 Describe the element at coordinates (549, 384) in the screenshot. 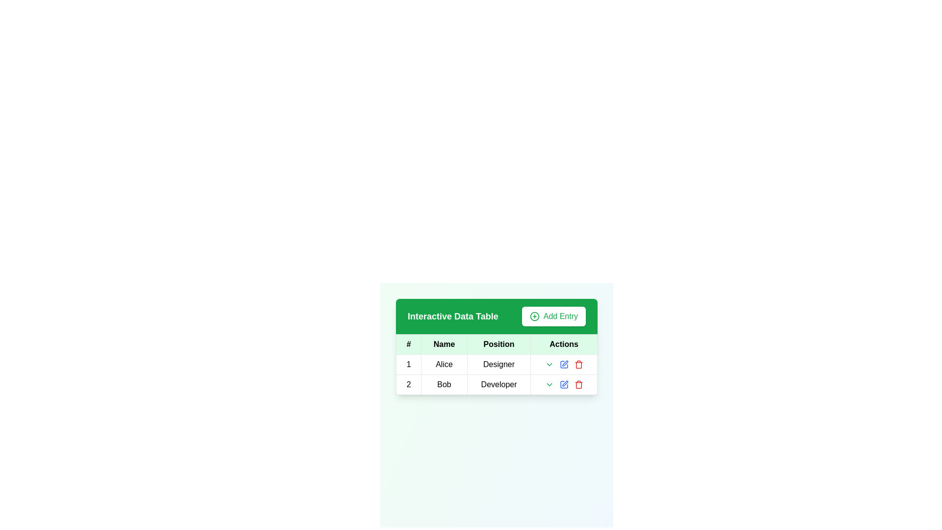

I see `the interactive green text icon resembling a downward chevron located in the 'Actions' column for the entry corresponding to 'Bob' in the table to change its appearance` at that location.